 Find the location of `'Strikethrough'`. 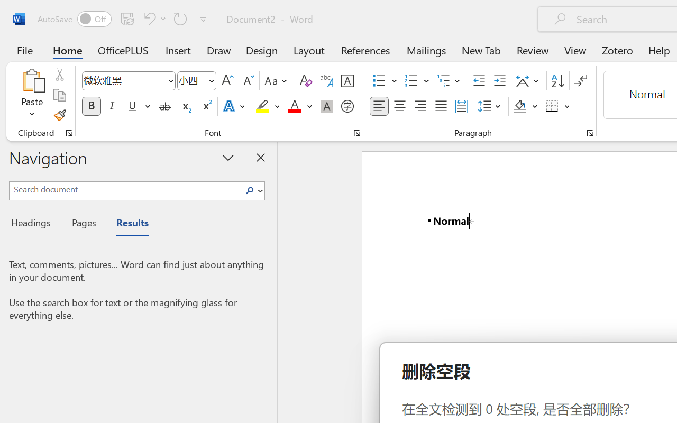

'Strikethrough' is located at coordinates (164, 106).